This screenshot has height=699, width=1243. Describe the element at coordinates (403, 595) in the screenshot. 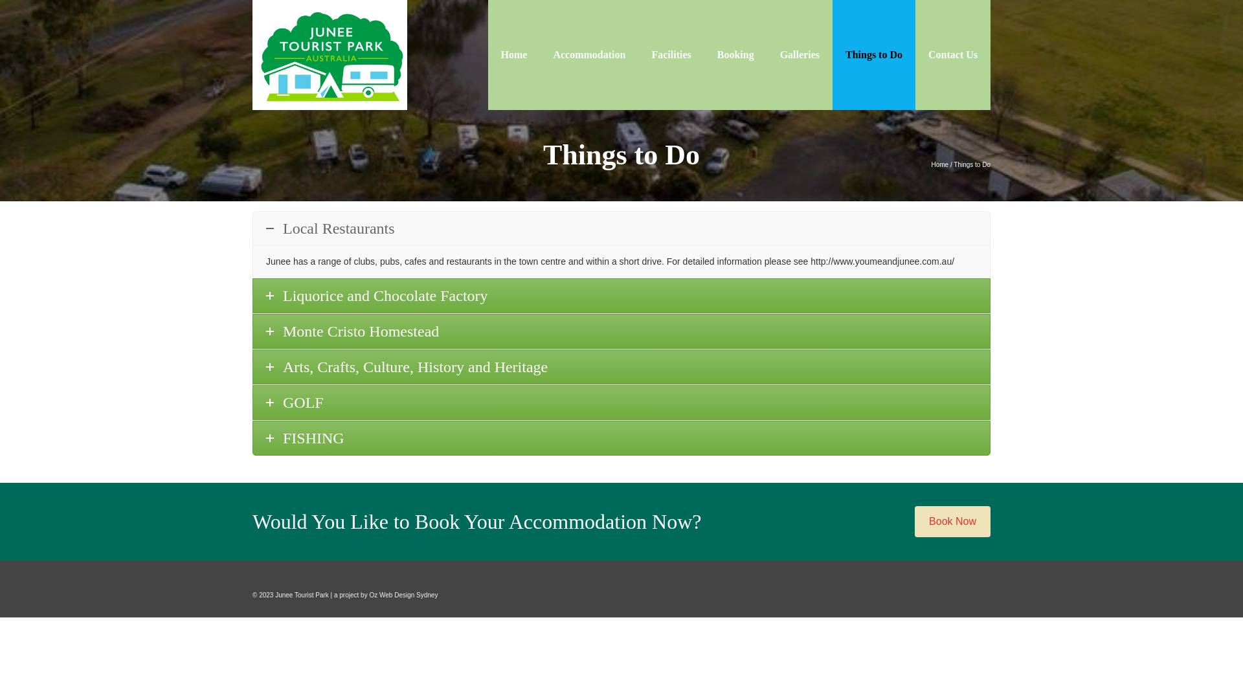

I see `'Oz Web Design Sydney'` at that location.